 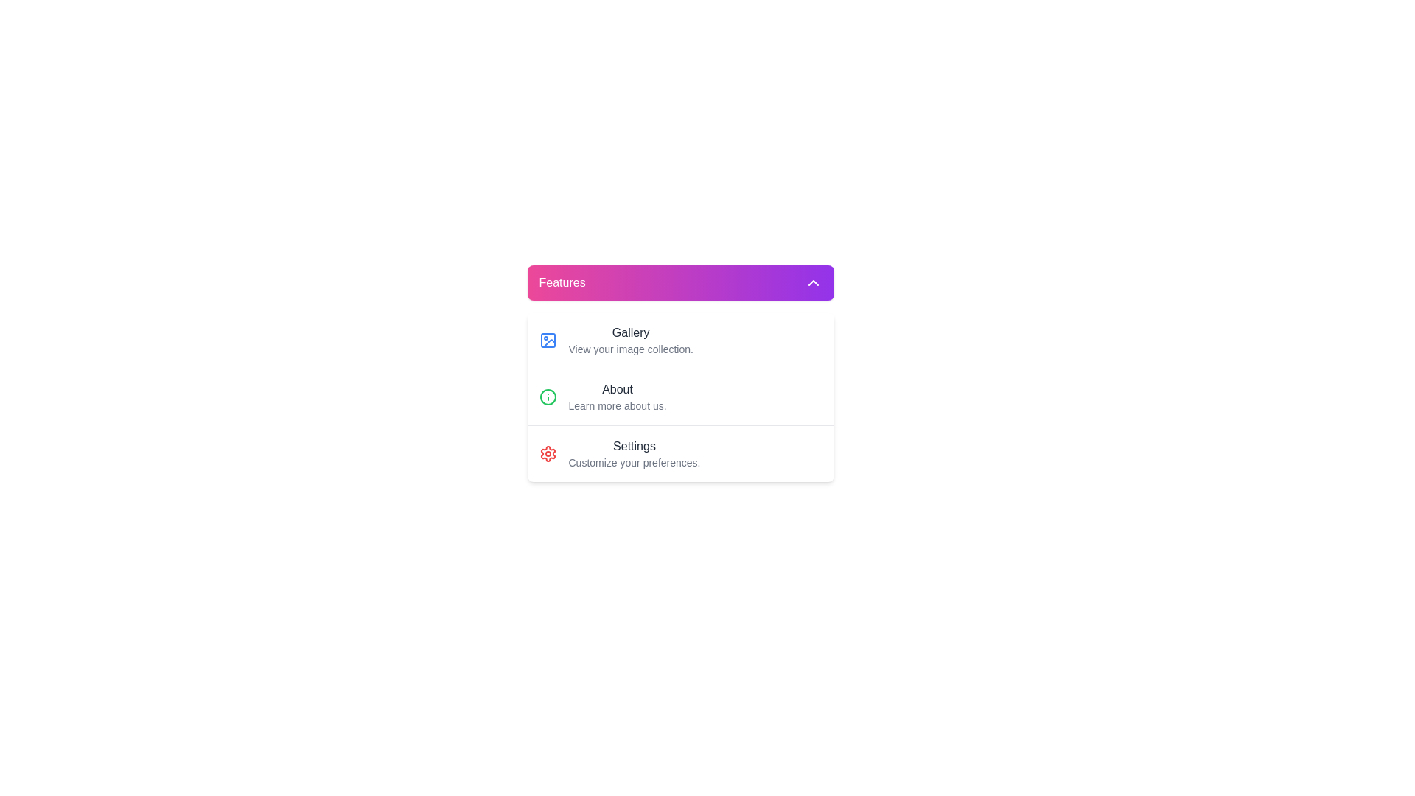 I want to click on the third list item with a red cogwheel icon and the text 'Settings' that allows customization of preferences, so click(x=679, y=453).